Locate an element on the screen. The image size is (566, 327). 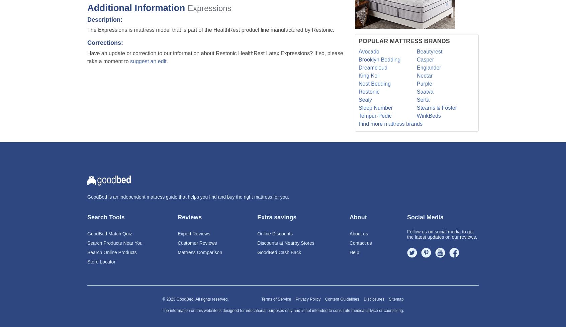
'Sealy' is located at coordinates (365, 99).